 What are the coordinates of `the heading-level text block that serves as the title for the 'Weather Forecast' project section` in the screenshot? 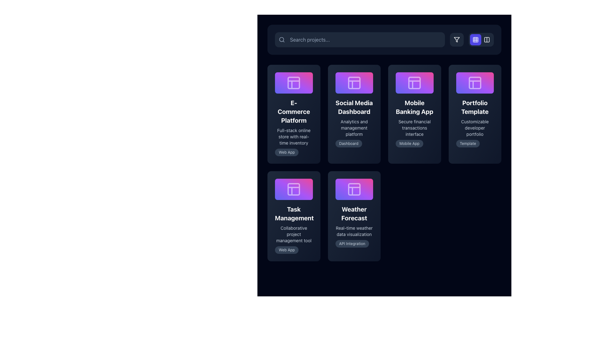 It's located at (354, 213).